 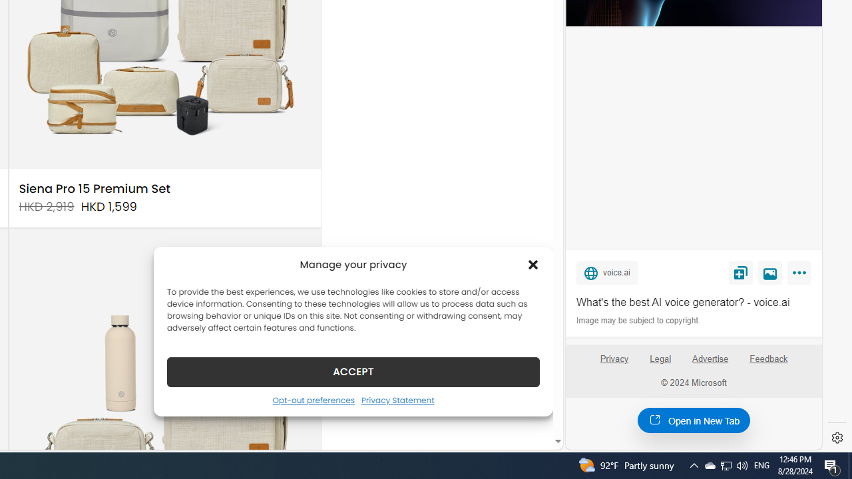 What do you see at coordinates (740, 271) in the screenshot?
I see `'Save'` at bounding box center [740, 271].